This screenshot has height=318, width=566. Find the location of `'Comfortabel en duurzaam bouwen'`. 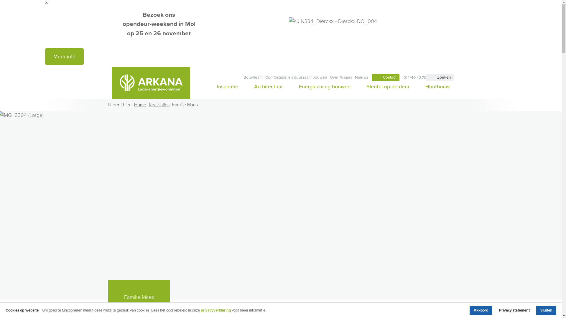

'Comfortabel en duurzaam bouwen' is located at coordinates (296, 77).